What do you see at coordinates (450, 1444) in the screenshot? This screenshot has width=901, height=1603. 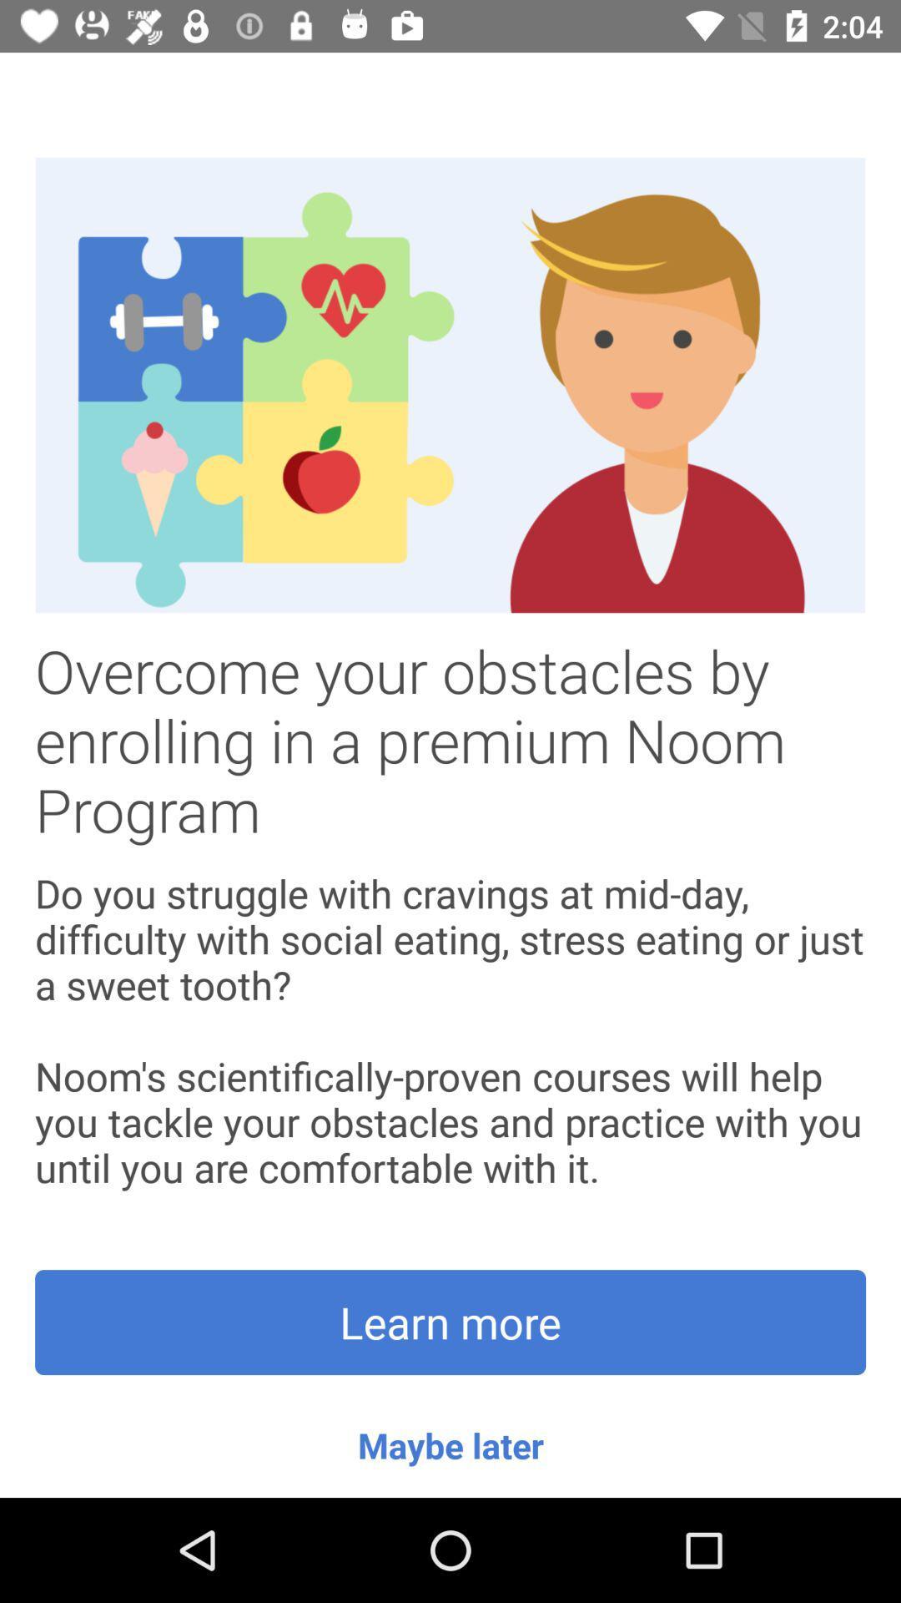 I see `the item below learn more icon` at bounding box center [450, 1444].